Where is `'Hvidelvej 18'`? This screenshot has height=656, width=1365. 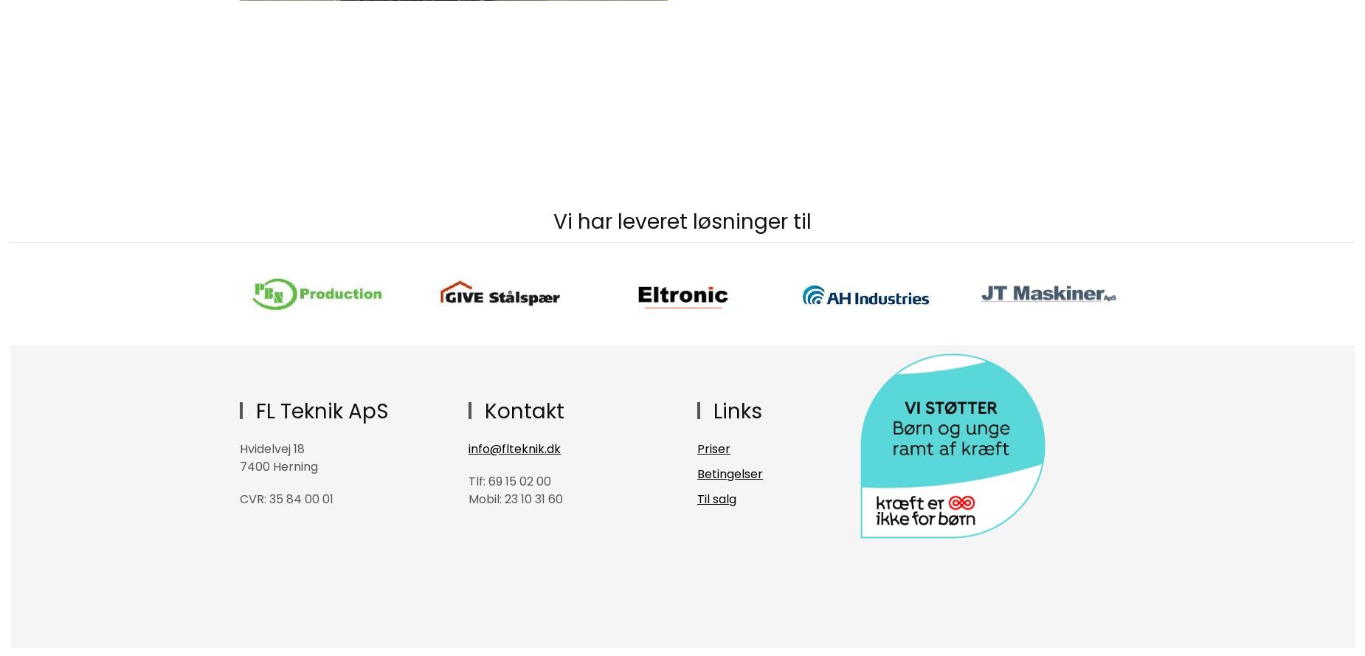 'Hvidelvej 18' is located at coordinates (272, 448).